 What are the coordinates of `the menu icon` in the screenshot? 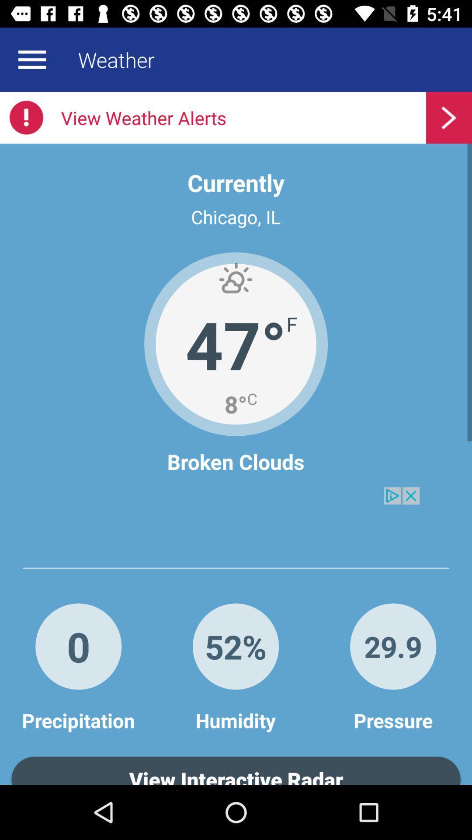 It's located at (31, 59).